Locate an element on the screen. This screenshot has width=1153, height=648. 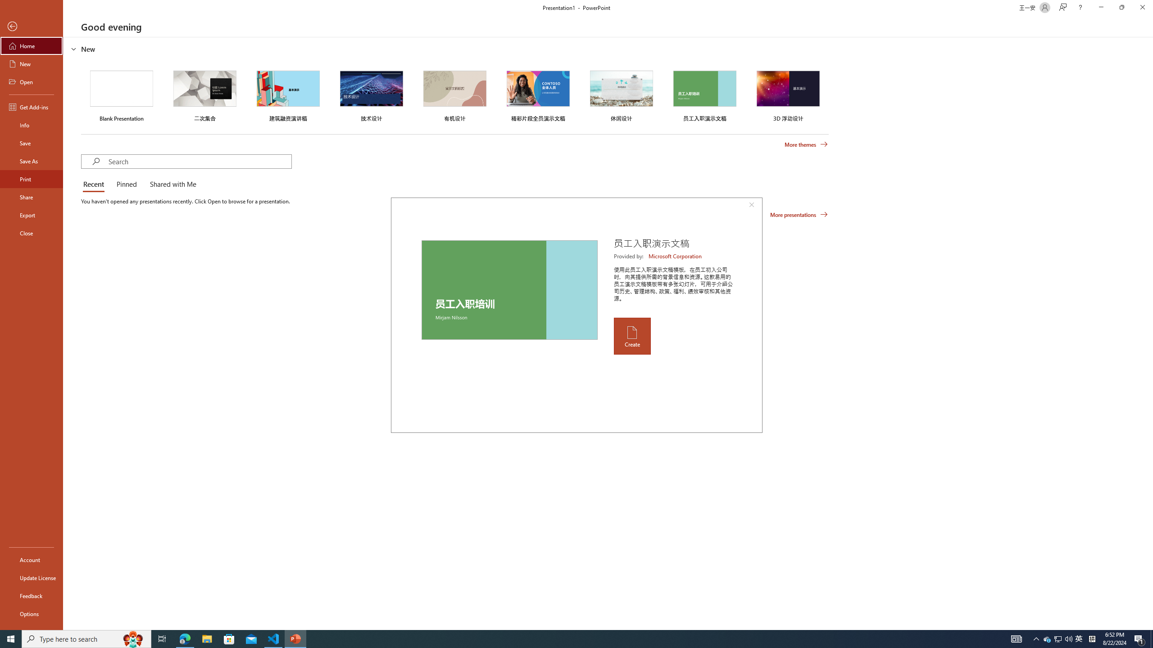
'Share' is located at coordinates (31, 196).